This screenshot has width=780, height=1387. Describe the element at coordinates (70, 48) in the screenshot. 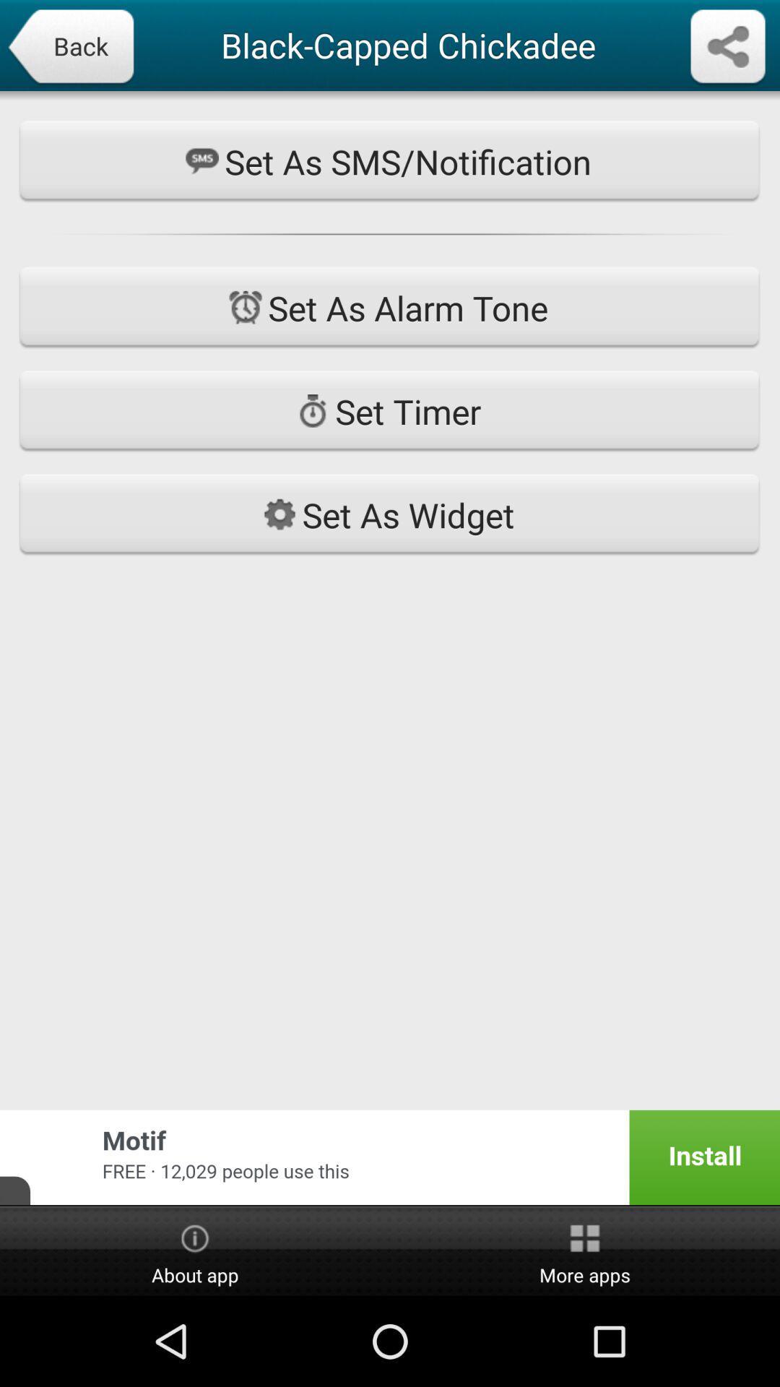

I see `back icon` at that location.